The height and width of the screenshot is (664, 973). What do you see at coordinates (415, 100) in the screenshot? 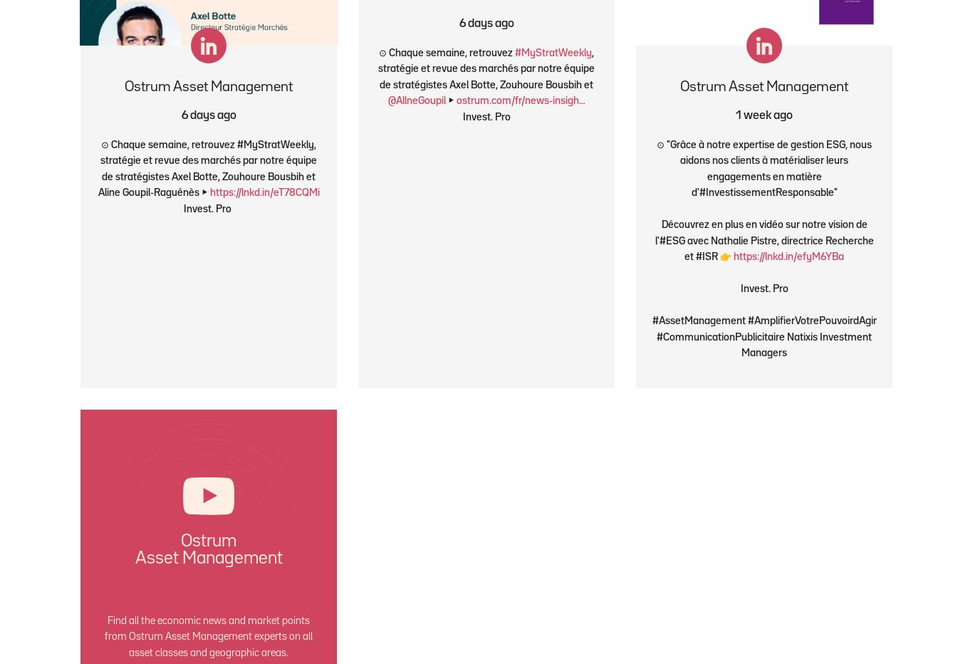
I see `'@AllneGoupil'` at bounding box center [415, 100].